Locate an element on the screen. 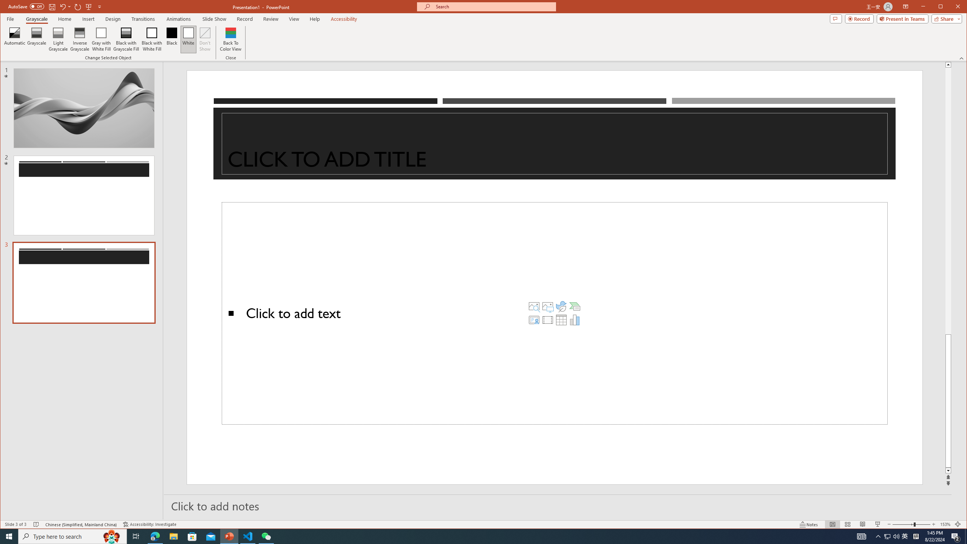  'Stock Images' is located at coordinates (534, 306).